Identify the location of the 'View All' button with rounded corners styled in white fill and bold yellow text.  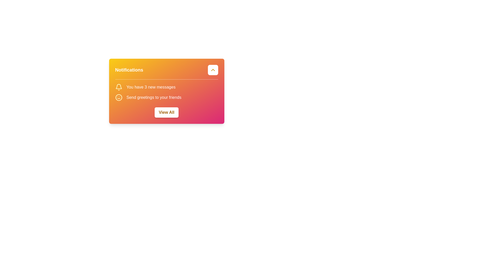
(166, 111).